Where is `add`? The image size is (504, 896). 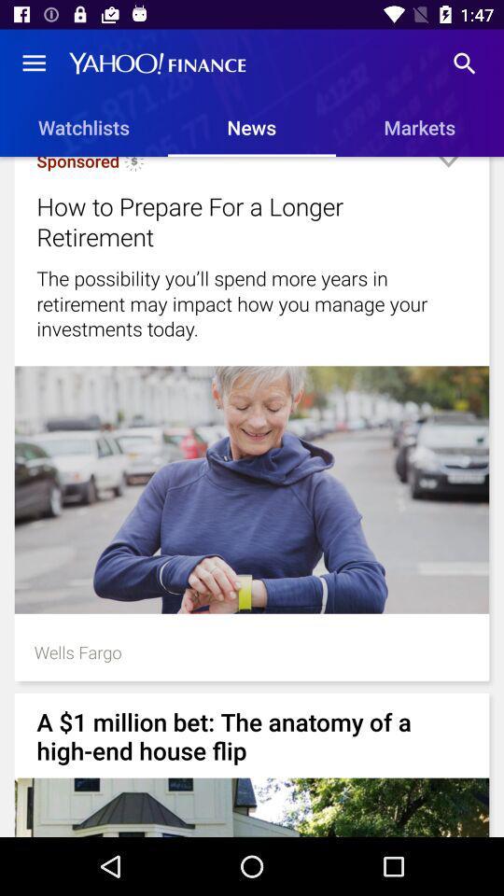 add is located at coordinates (447, 169).